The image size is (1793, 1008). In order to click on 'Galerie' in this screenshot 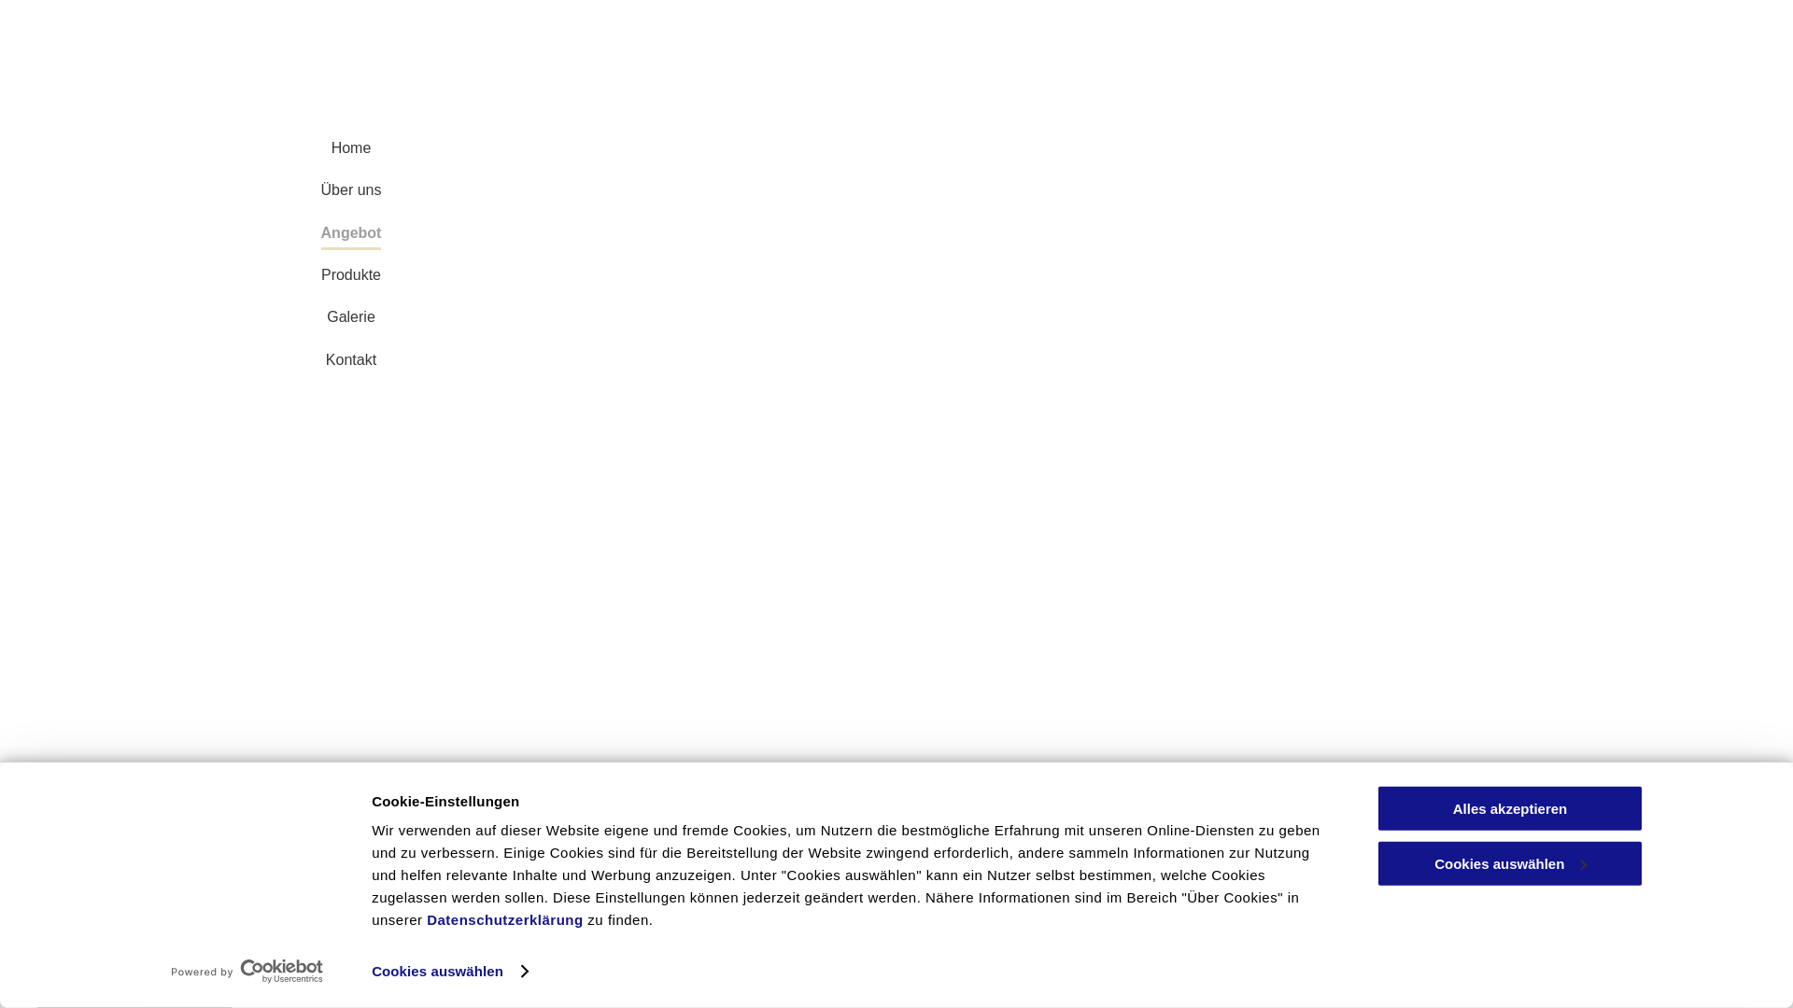, I will do `click(973, 892)`.